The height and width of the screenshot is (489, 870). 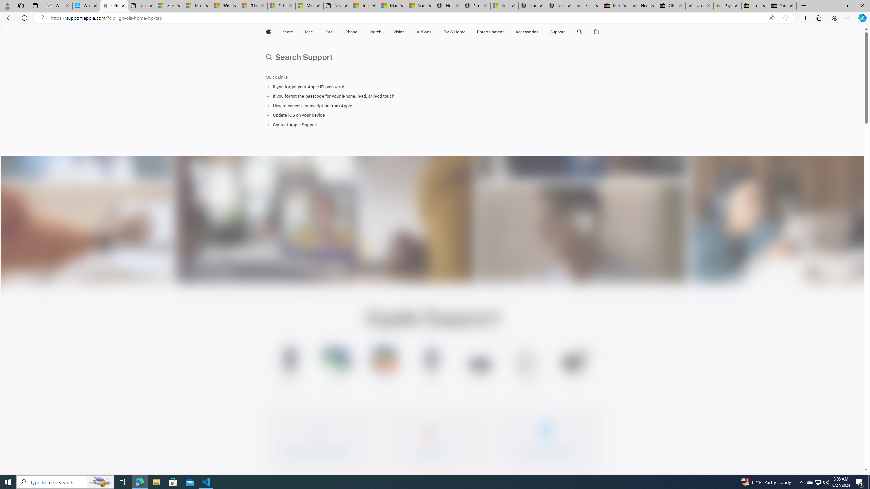 I want to click on 'iPad', so click(x=328, y=32).